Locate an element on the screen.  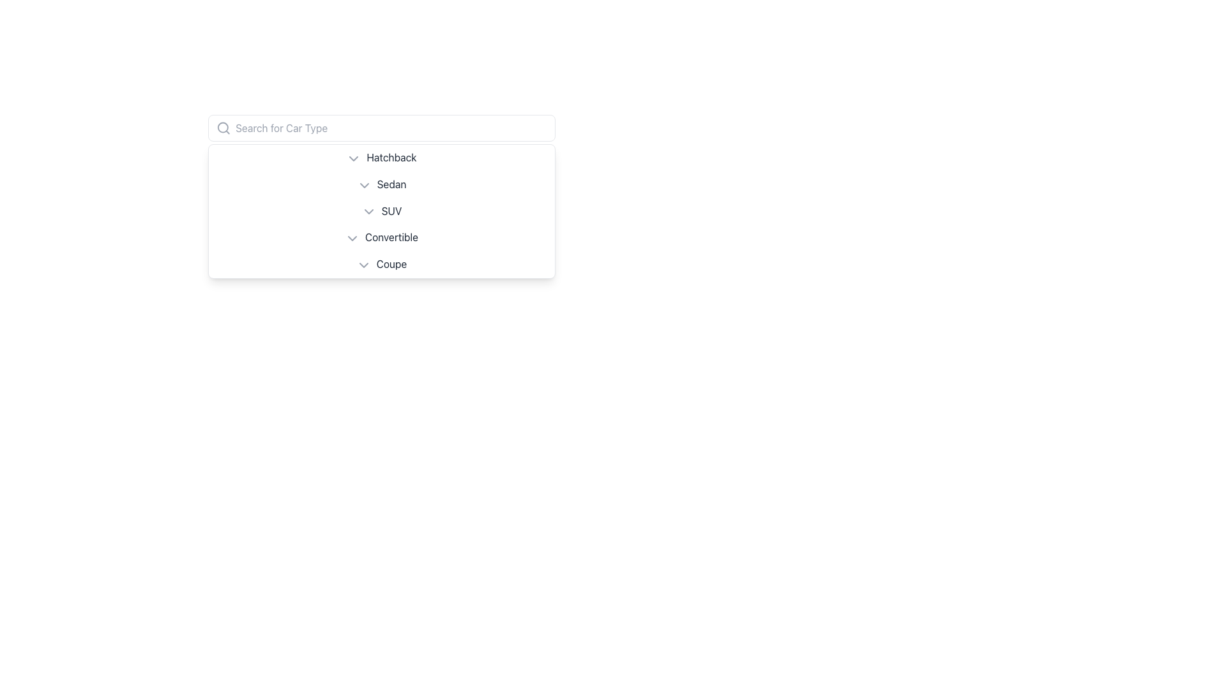
the 'Coupe' menu item, which is the last option in the dropdown menu and features a hover effect that changes the background to blue and the text to white is located at coordinates (381, 264).